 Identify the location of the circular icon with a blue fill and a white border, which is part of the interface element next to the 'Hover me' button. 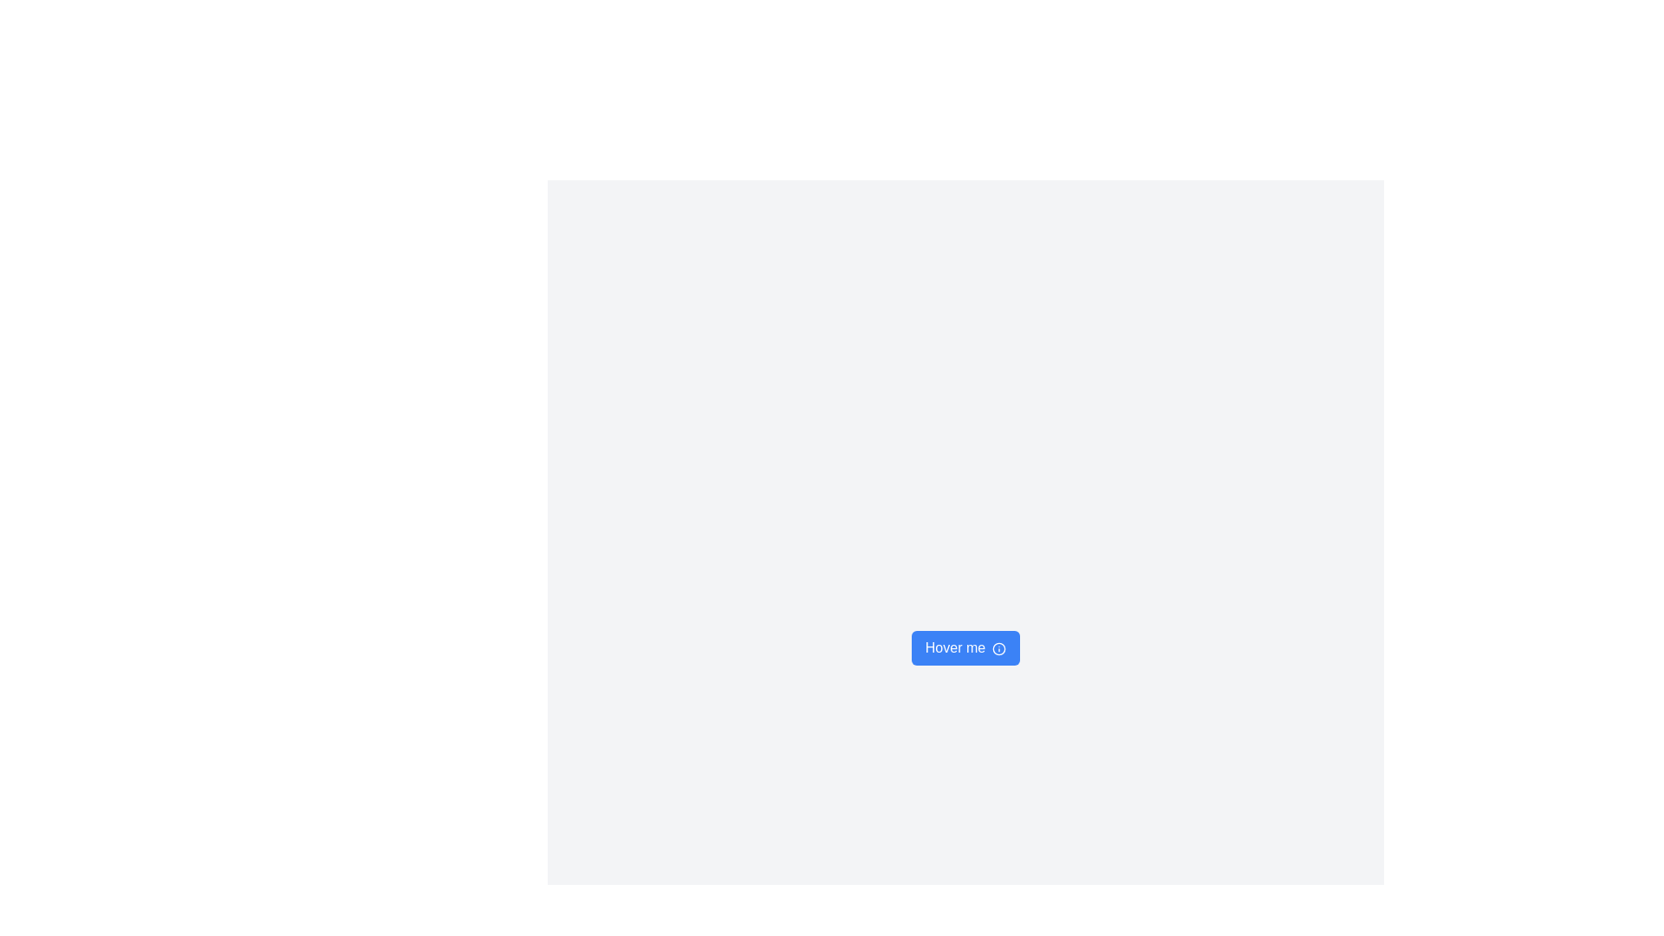
(999, 648).